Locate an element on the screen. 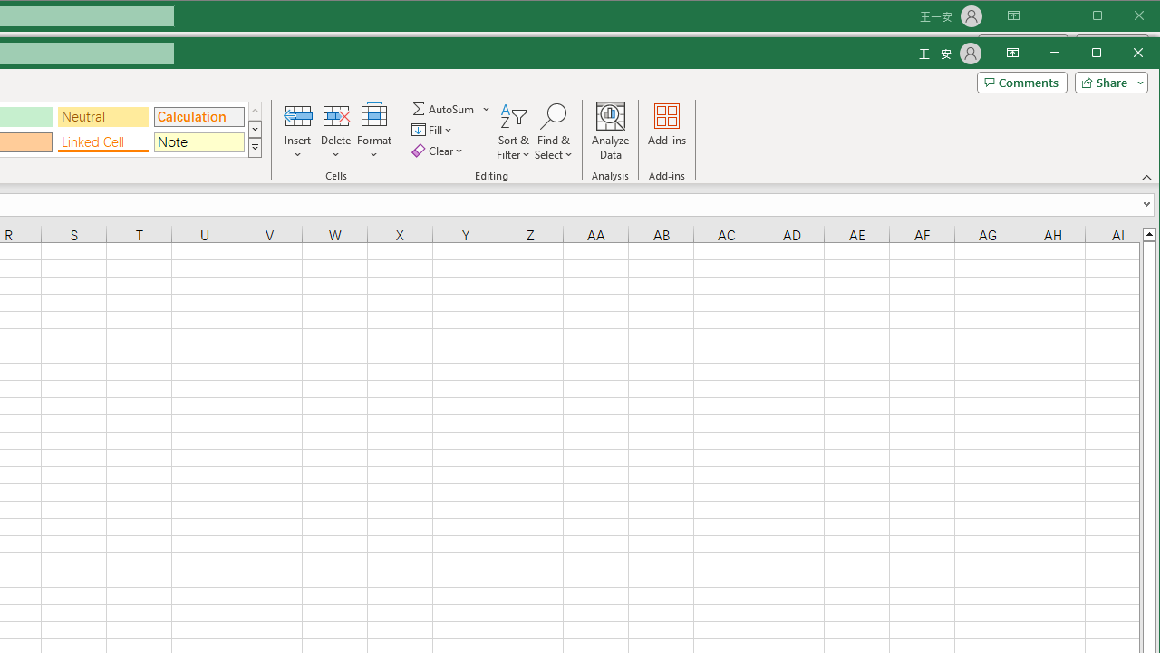 Image resolution: width=1160 pixels, height=653 pixels. 'Class: NetUIImage' is located at coordinates (254, 147).